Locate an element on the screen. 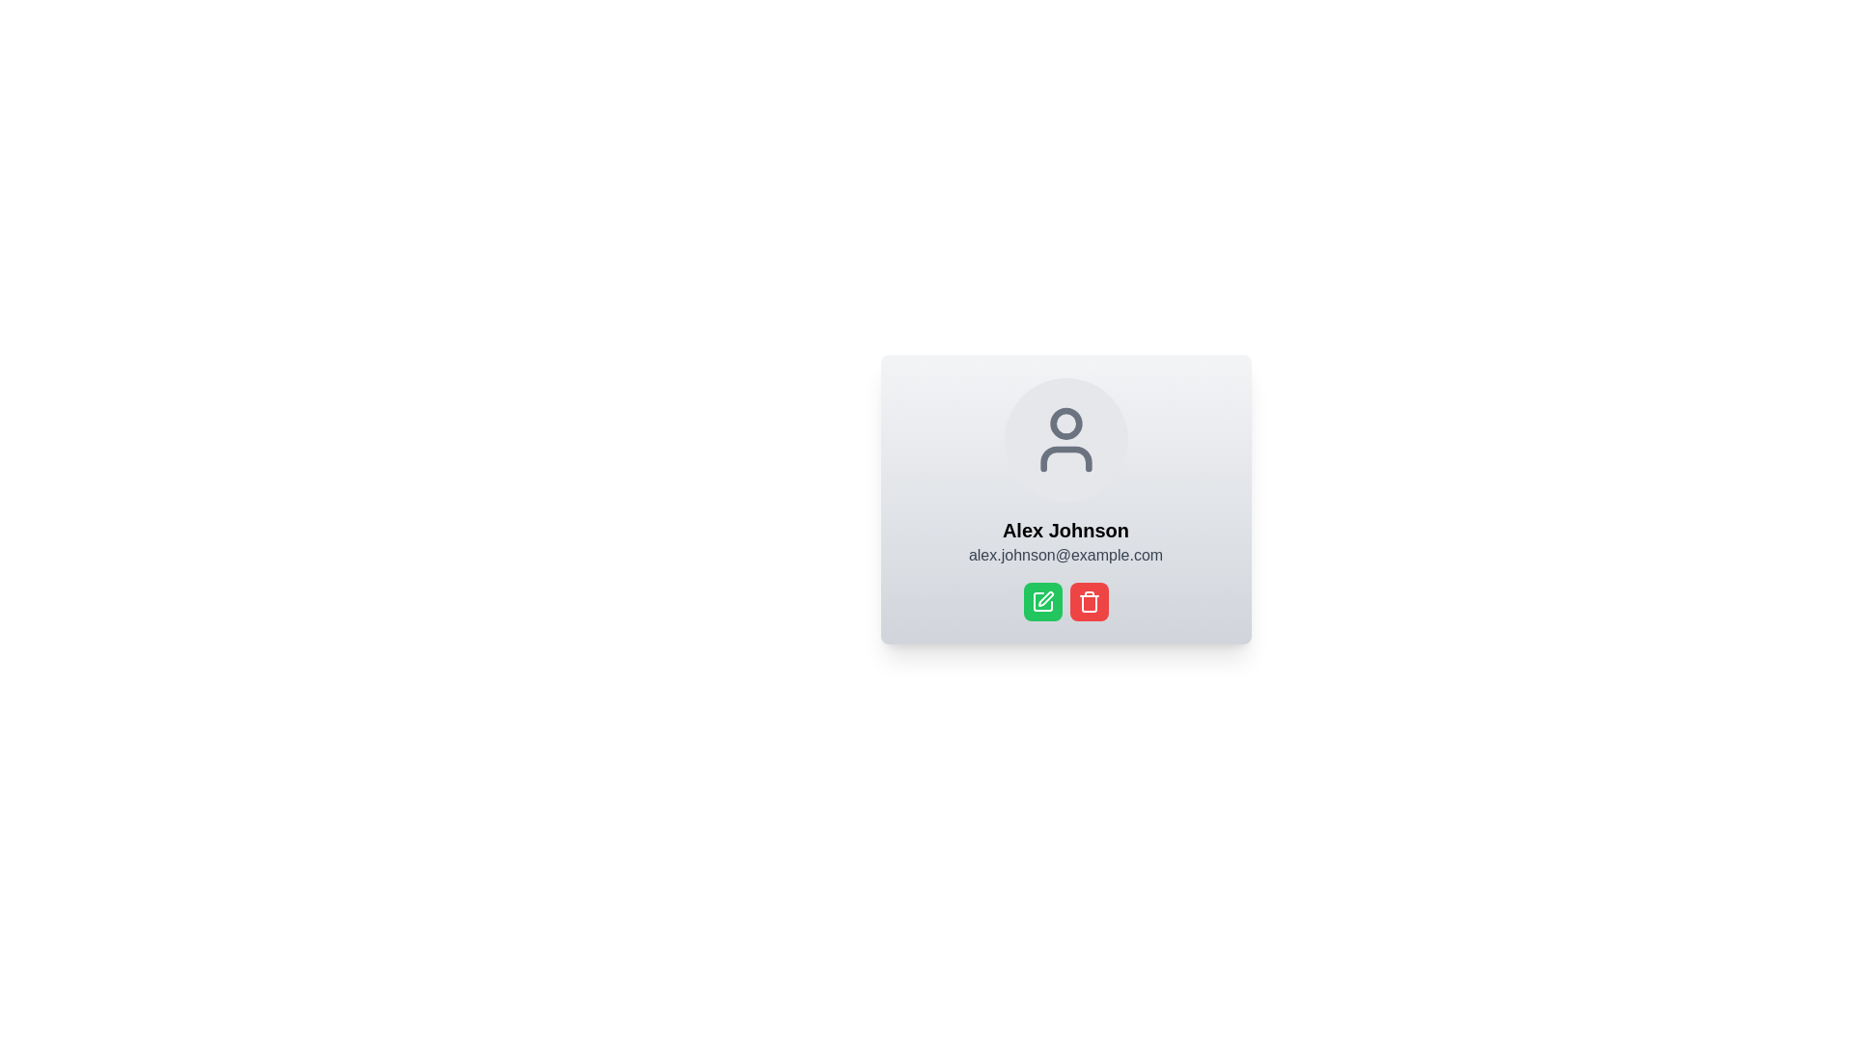  the semicircle graphical part of the user representation icon located at the upper section of the card, just below the head circle is located at coordinates (1065, 458).